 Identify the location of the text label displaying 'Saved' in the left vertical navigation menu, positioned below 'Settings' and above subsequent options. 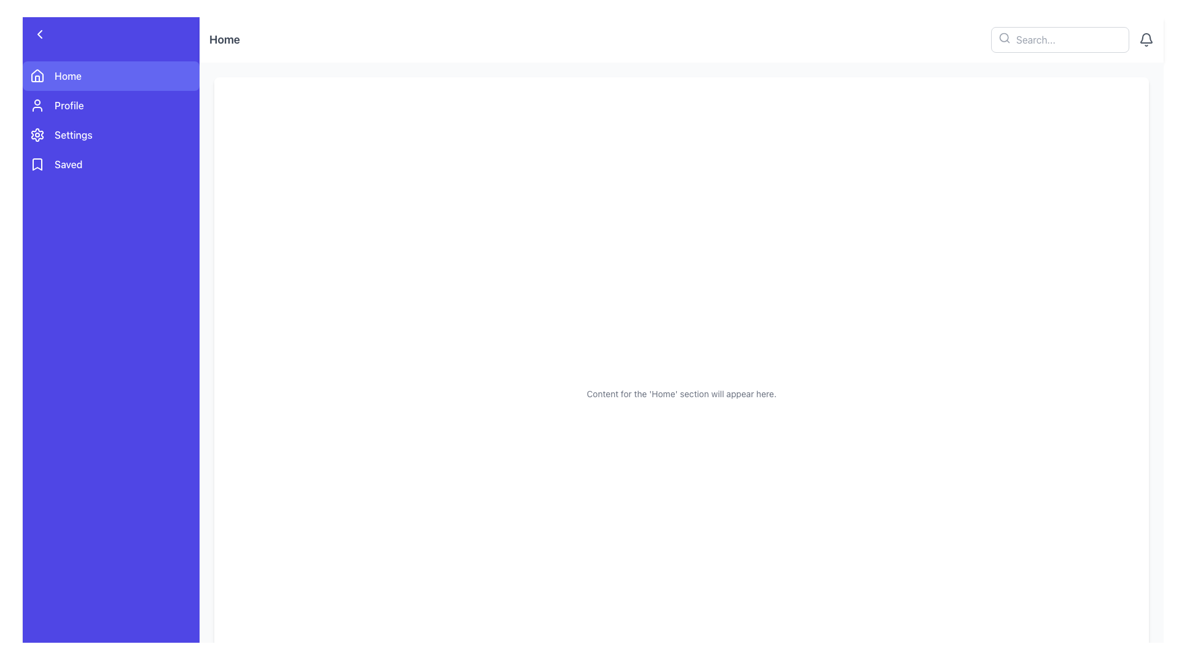
(68, 163).